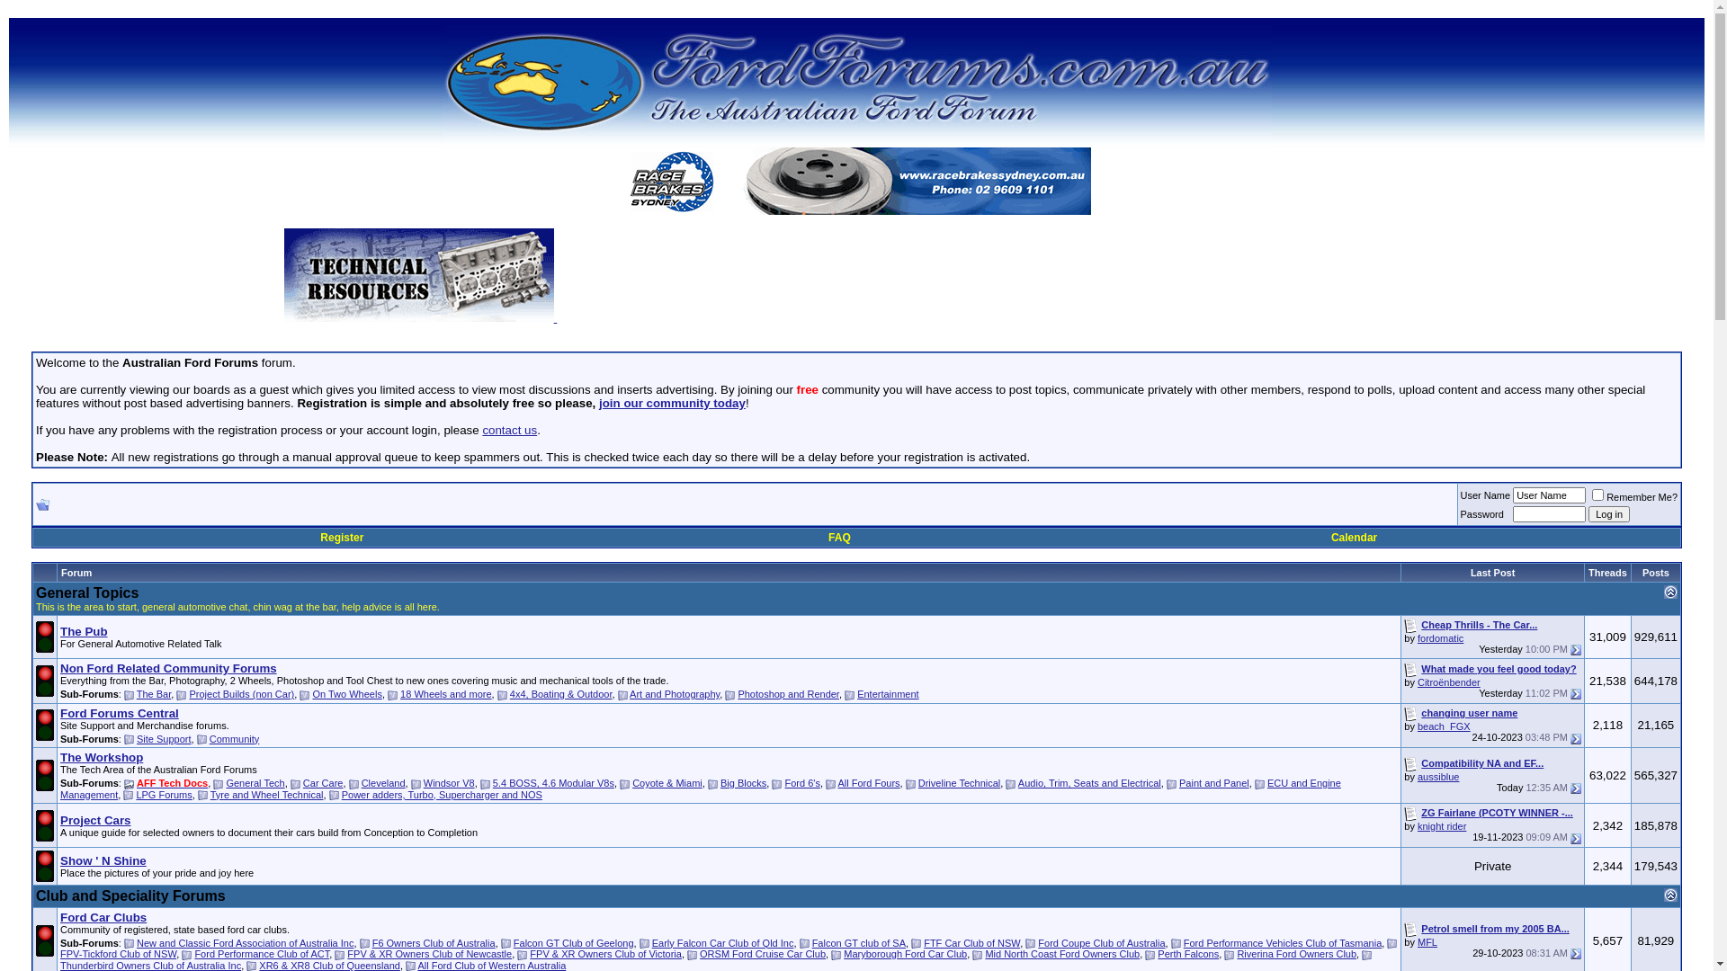  I want to click on 'Non Ford Related Community Forums', so click(60, 668).